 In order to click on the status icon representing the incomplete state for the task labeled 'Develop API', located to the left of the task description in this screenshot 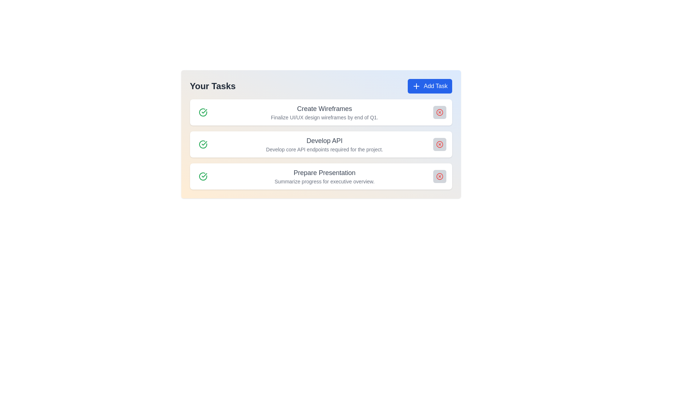, I will do `click(203, 144)`.